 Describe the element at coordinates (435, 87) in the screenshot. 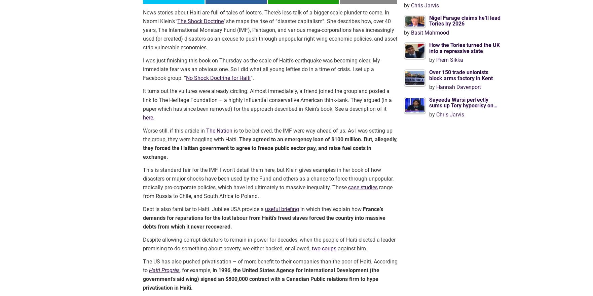

I see `'Hannah Davenport'` at that location.